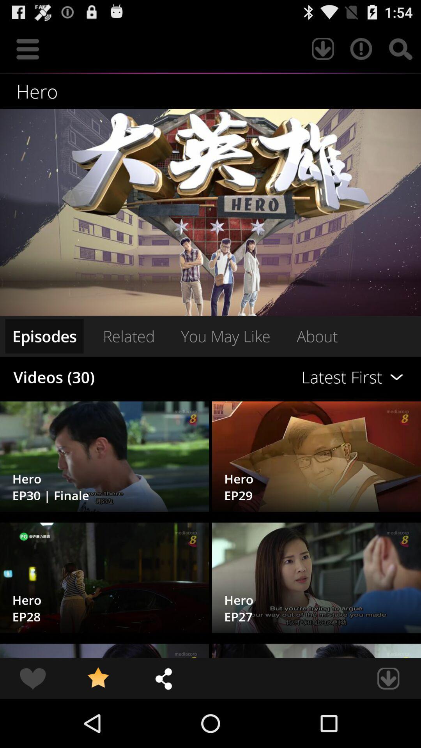  What do you see at coordinates (128, 336) in the screenshot?
I see `item next to the latest first` at bounding box center [128, 336].